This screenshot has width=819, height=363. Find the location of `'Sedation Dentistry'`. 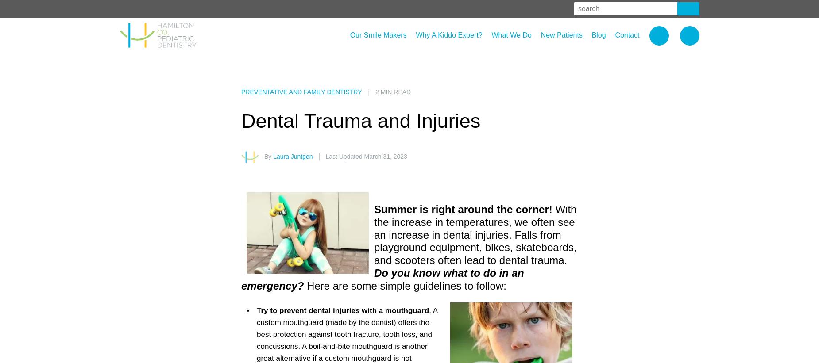

'Sedation Dentistry' is located at coordinates (517, 97).